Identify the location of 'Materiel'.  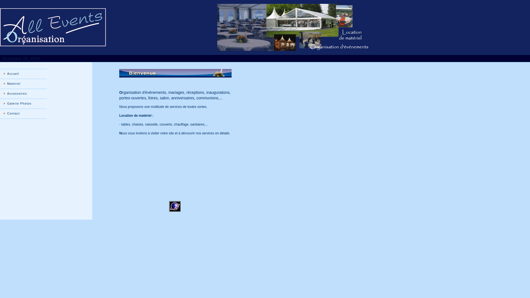
(23, 84).